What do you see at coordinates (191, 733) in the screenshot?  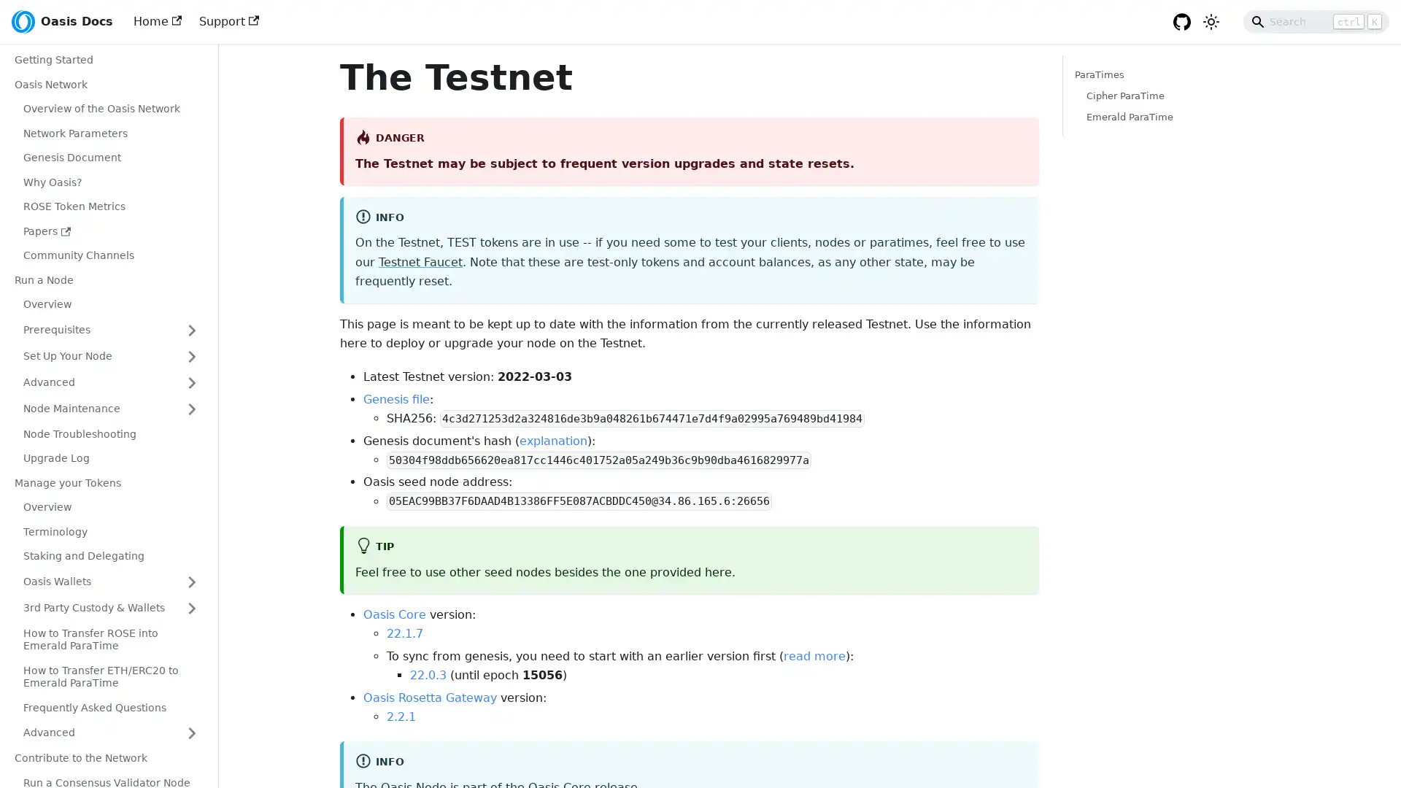 I see `Toggle the collapsible sidebar category 'Advanced'` at bounding box center [191, 733].